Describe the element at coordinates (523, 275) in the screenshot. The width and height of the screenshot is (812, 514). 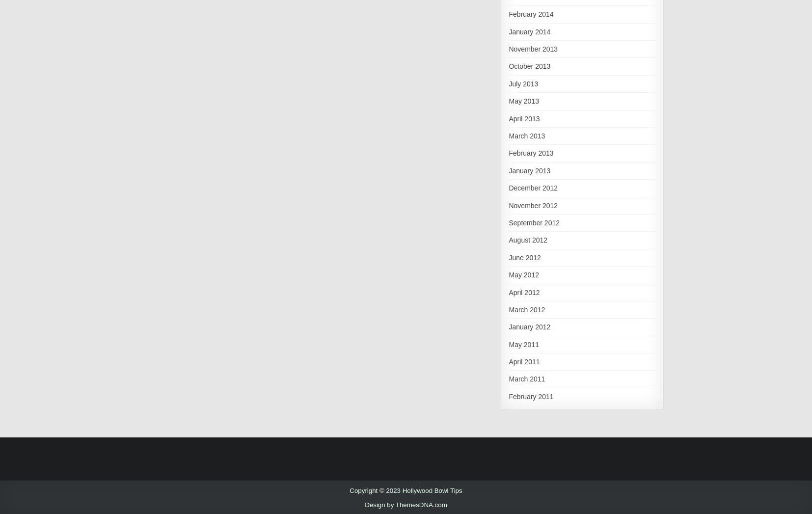
I see `'May 2012'` at that location.